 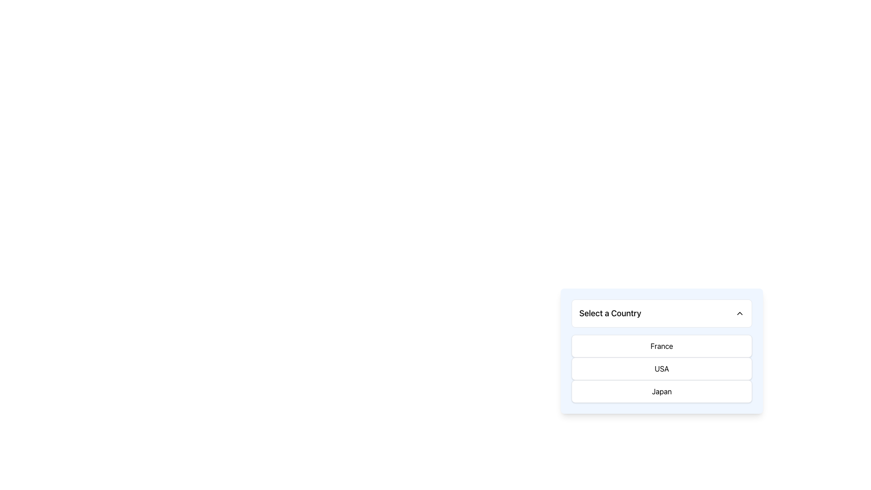 I want to click on the text label for 'France' in the 'Select a Country' dropdown menu, so click(x=662, y=346).